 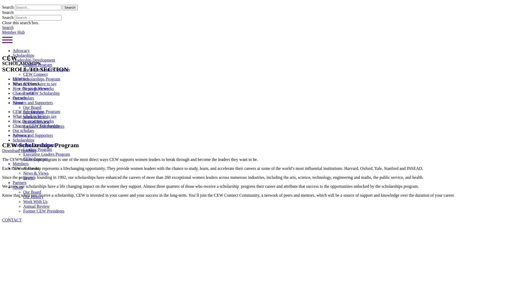 I want to click on 'Our History', so click(x=23, y=197).